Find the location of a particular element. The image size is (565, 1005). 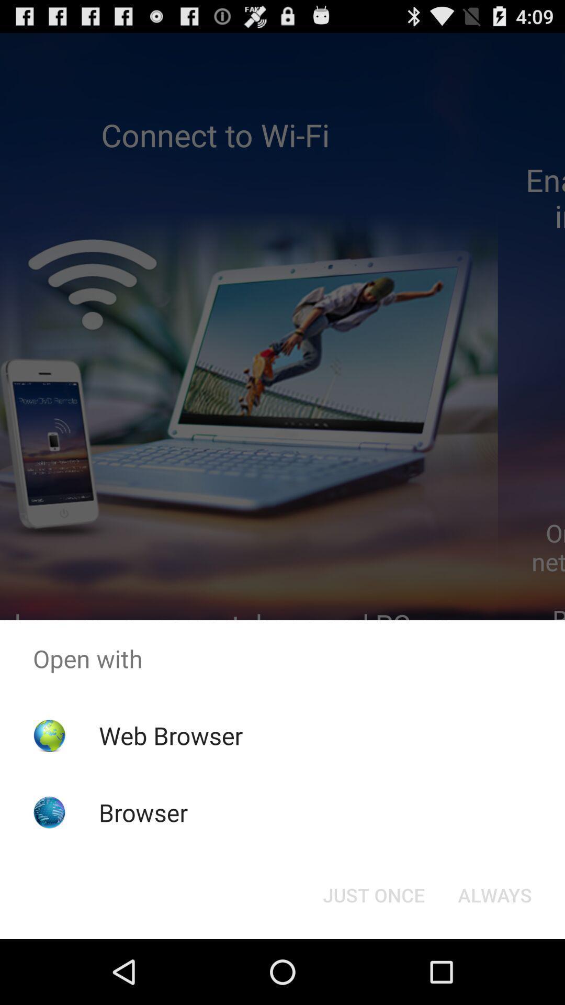

the item above the browser app is located at coordinates (170, 735).